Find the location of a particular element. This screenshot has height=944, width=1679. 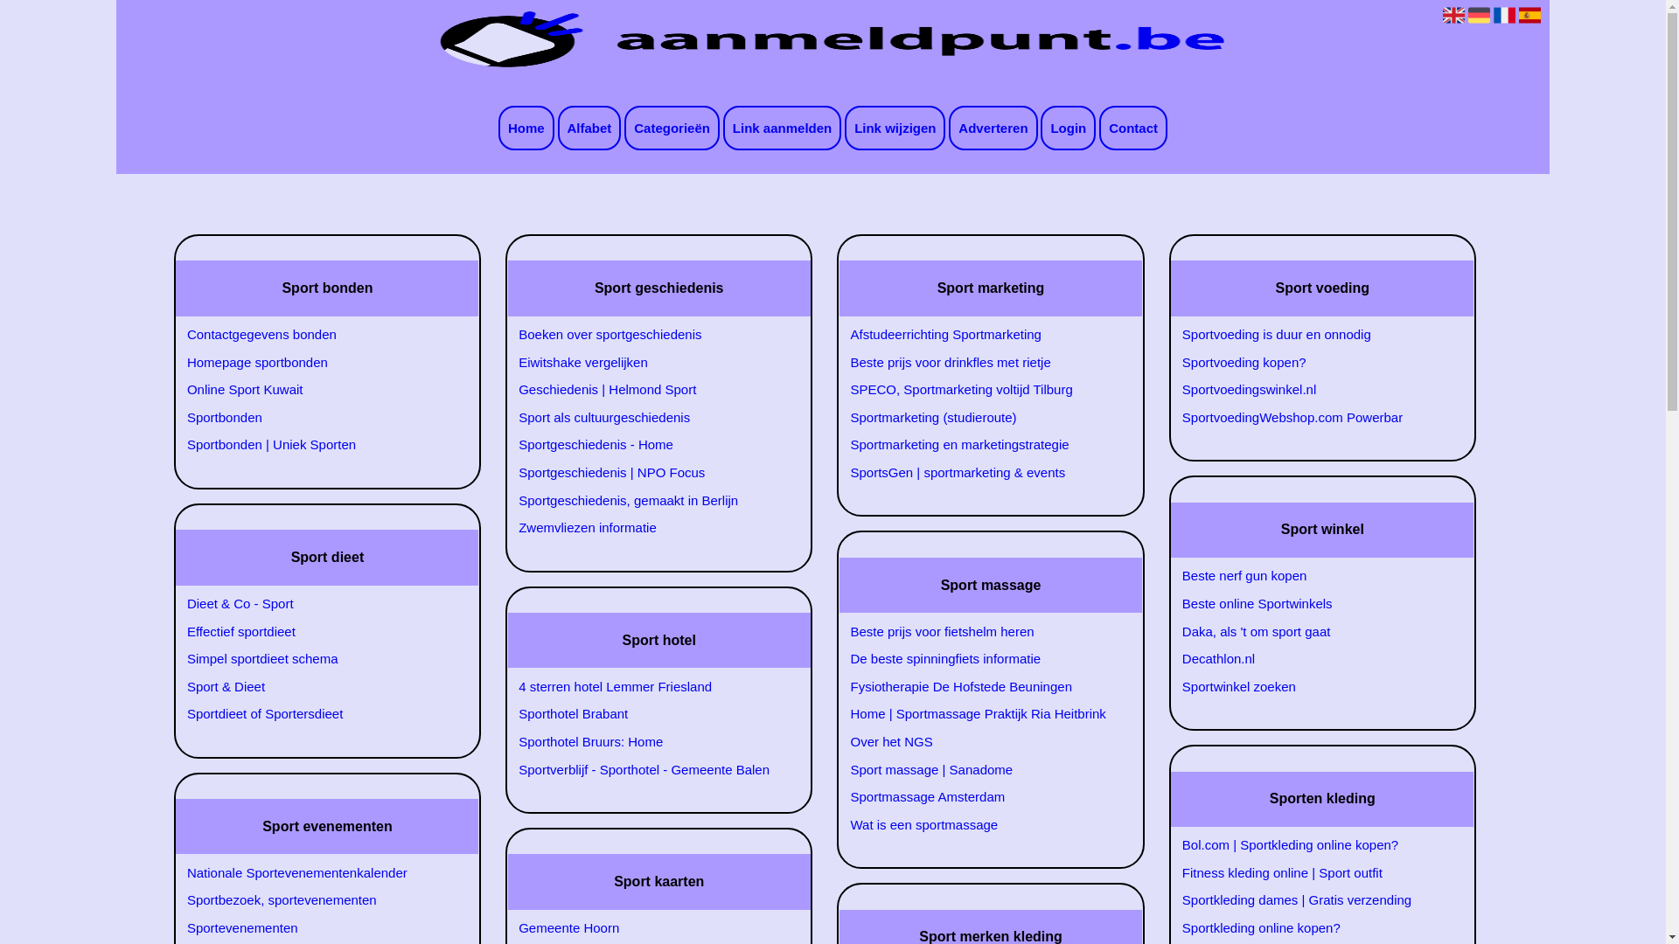

'Wat is een sportmassage' is located at coordinates (980, 825).